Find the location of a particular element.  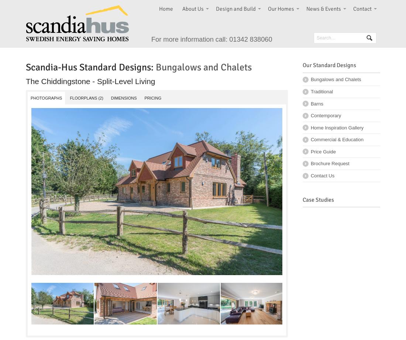

'Home' is located at coordinates (166, 8).